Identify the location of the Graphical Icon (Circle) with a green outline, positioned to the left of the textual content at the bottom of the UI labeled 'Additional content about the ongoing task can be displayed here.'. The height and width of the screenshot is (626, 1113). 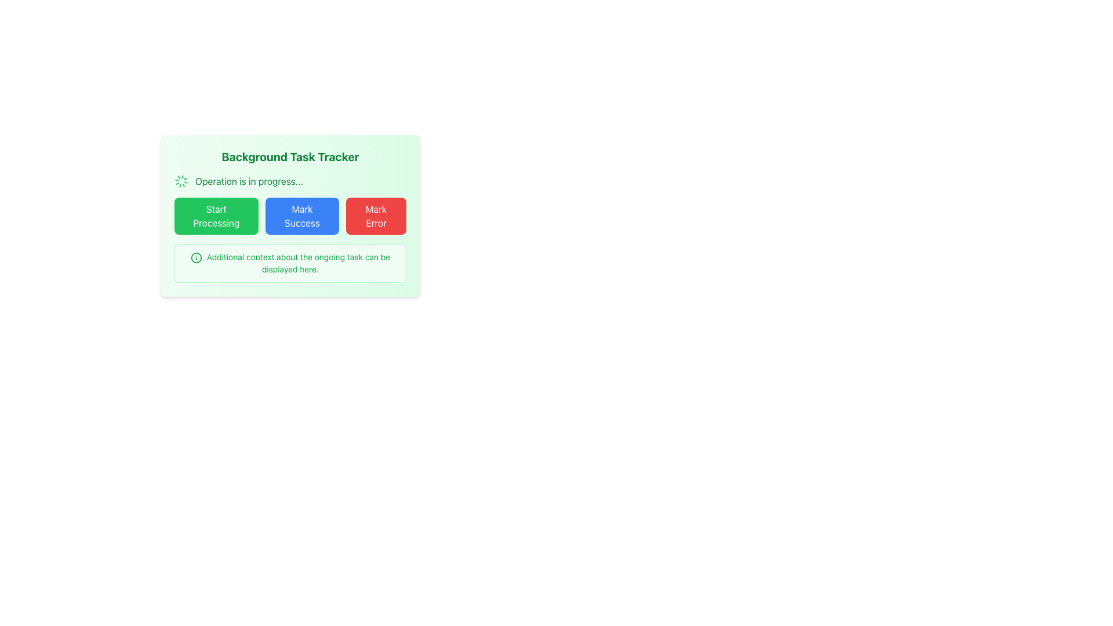
(196, 257).